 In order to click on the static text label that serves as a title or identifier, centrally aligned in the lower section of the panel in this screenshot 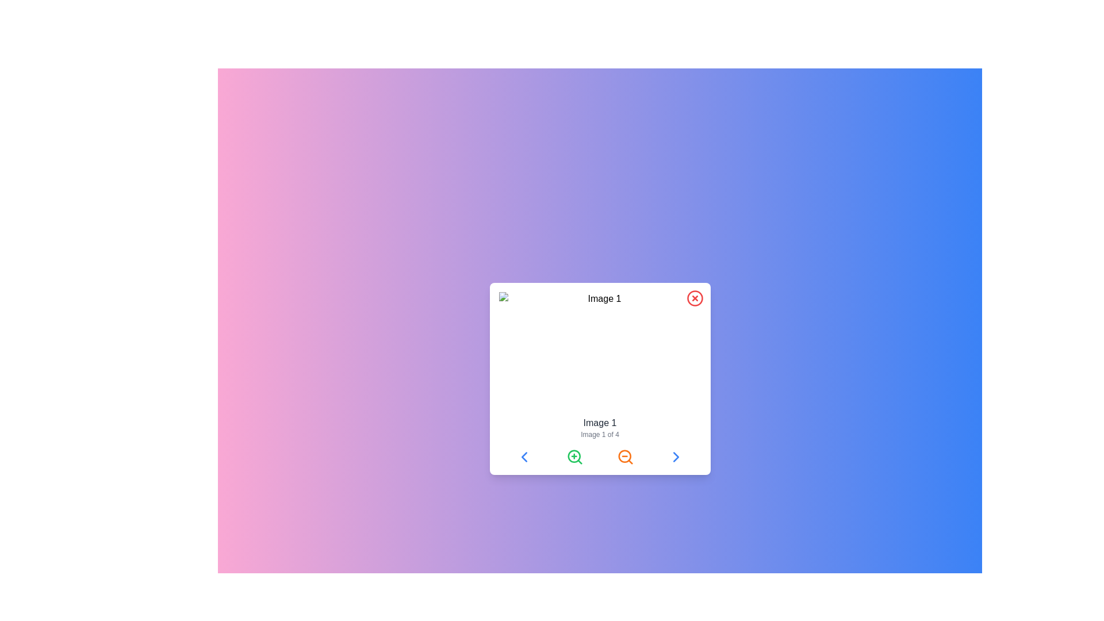, I will do `click(599, 423)`.